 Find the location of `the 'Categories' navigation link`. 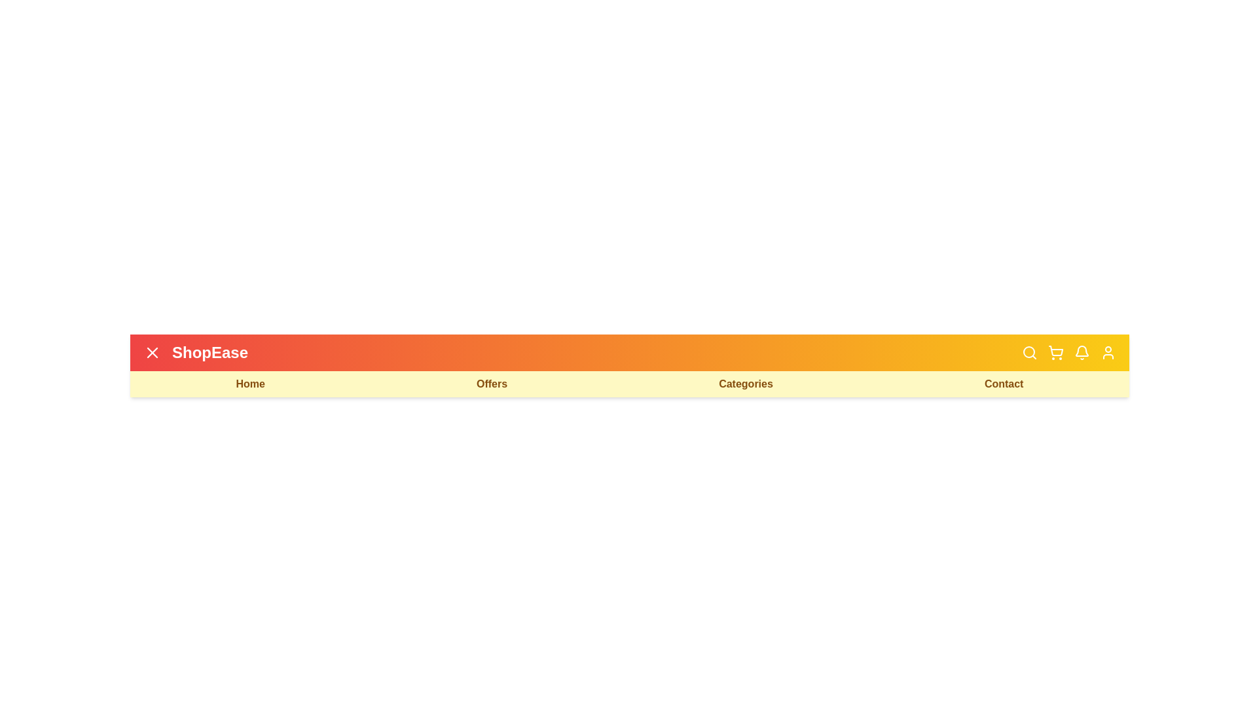

the 'Categories' navigation link is located at coordinates (745, 383).